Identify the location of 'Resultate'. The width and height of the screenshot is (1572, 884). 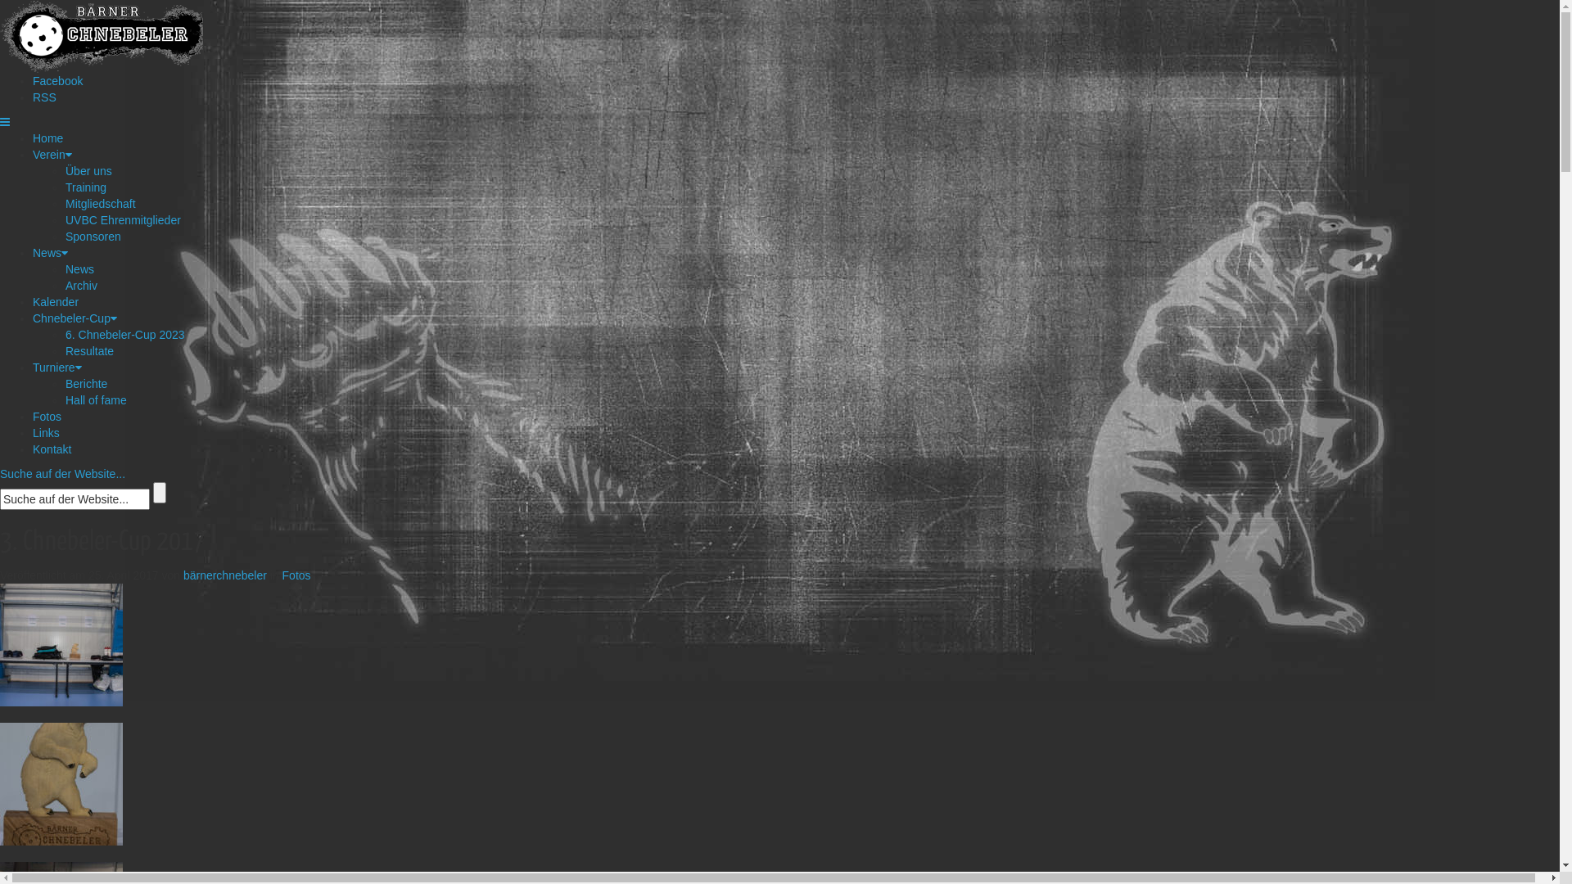
(65, 350).